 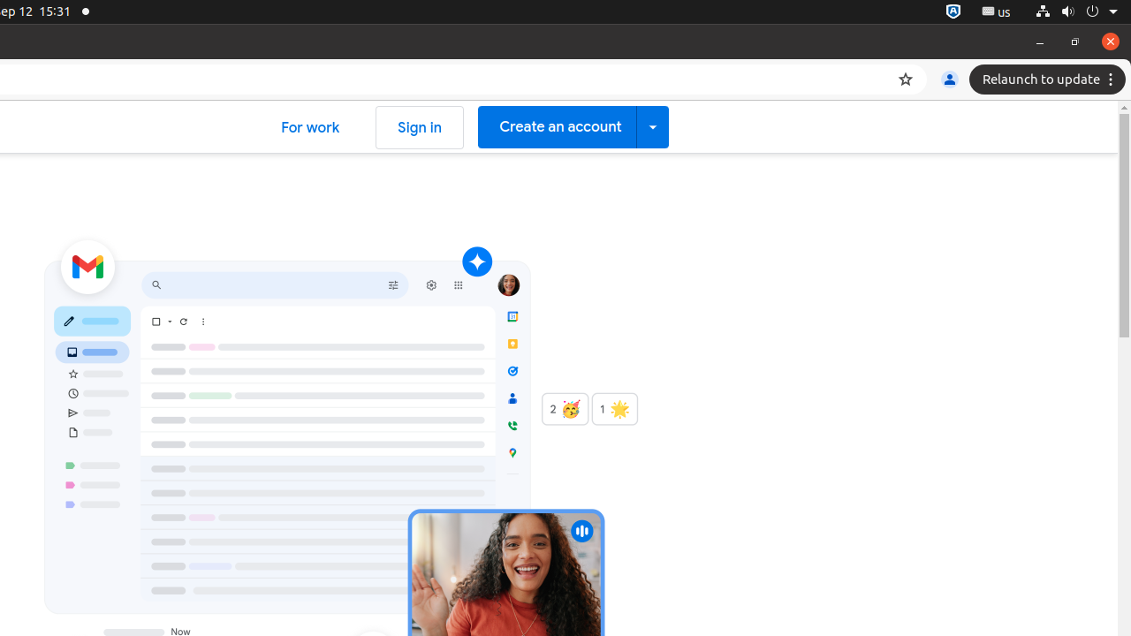 I want to click on 'Relaunch to update', so click(x=1050, y=79).